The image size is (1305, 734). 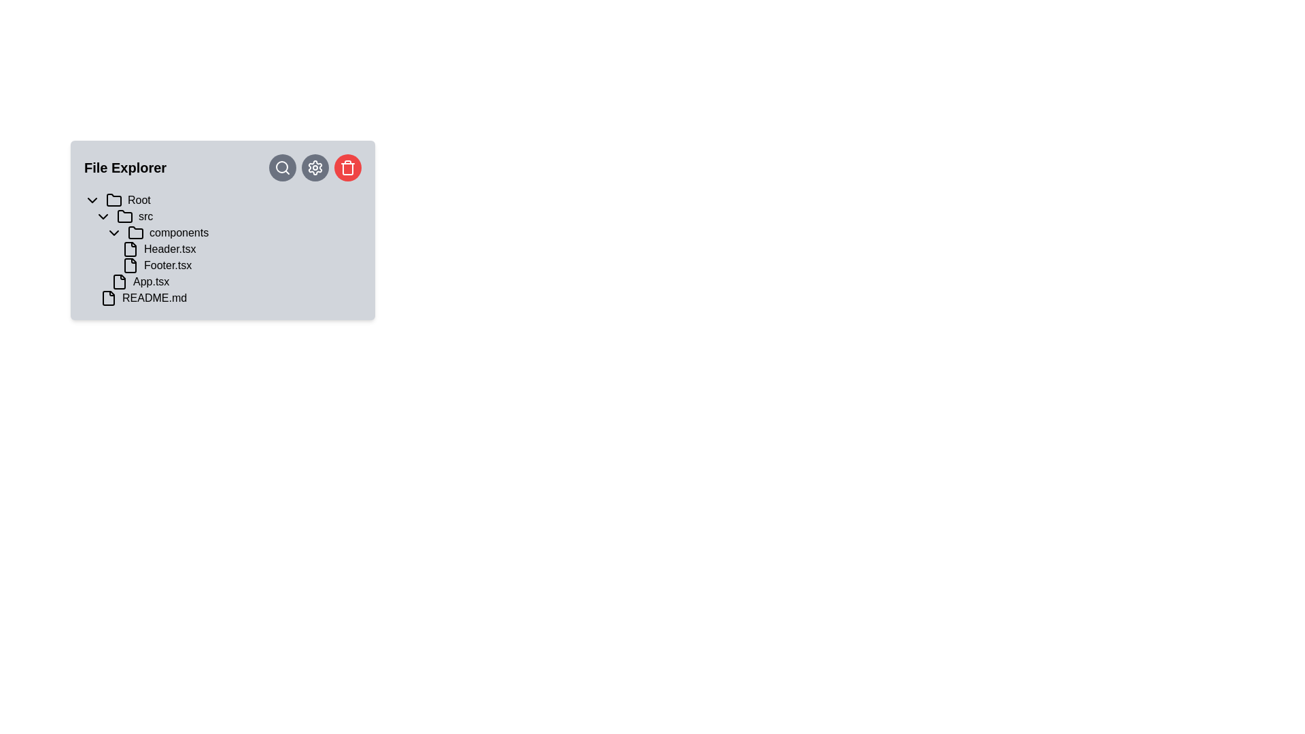 What do you see at coordinates (114, 232) in the screenshot?
I see `the Chevron Icon Button` at bounding box center [114, 232].